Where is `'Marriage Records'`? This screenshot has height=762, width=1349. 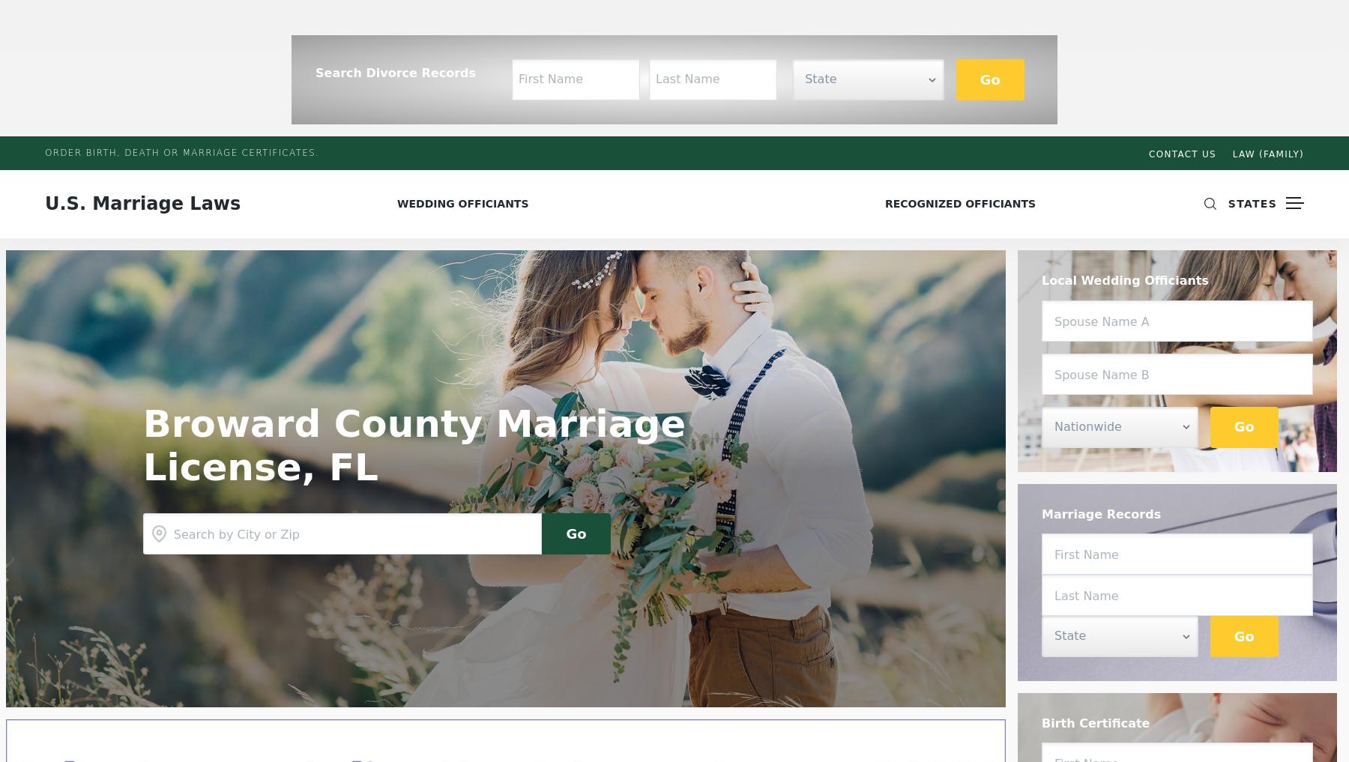 'Marriage Records' is located at coordinates (1101, 512).